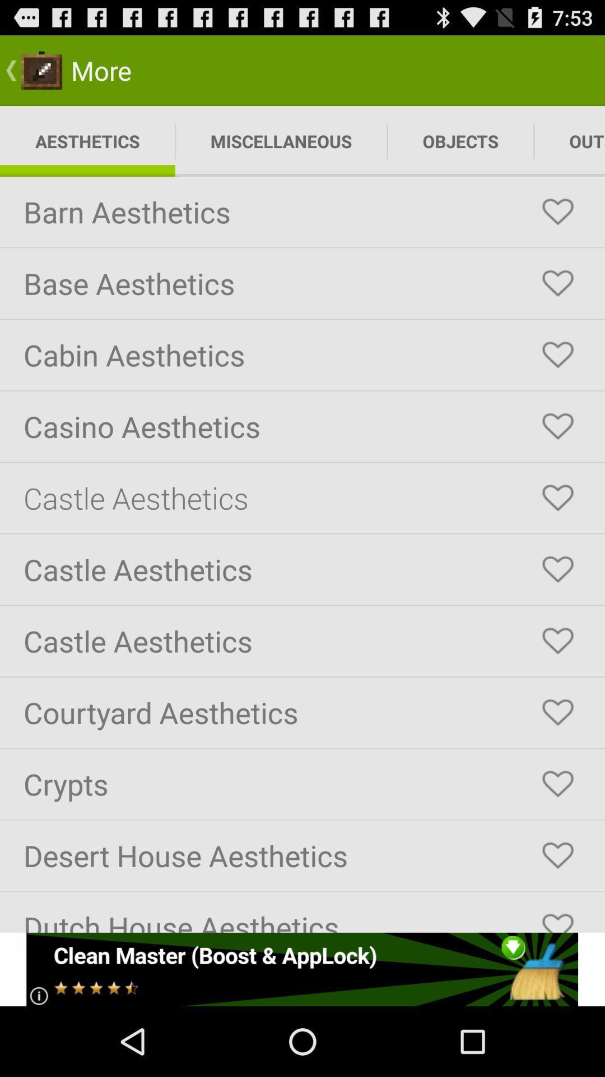 The height and width of the screenshot is (1077, 605). Describe the element at coordinates (557, 855) in the screenshot. I see `heart` at that location.